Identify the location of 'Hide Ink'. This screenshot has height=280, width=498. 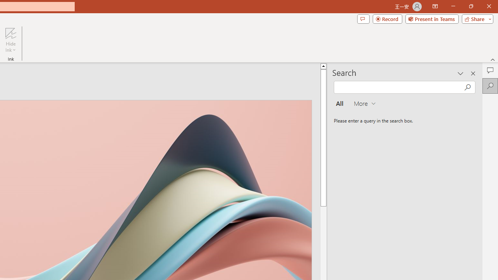
(11, 40).